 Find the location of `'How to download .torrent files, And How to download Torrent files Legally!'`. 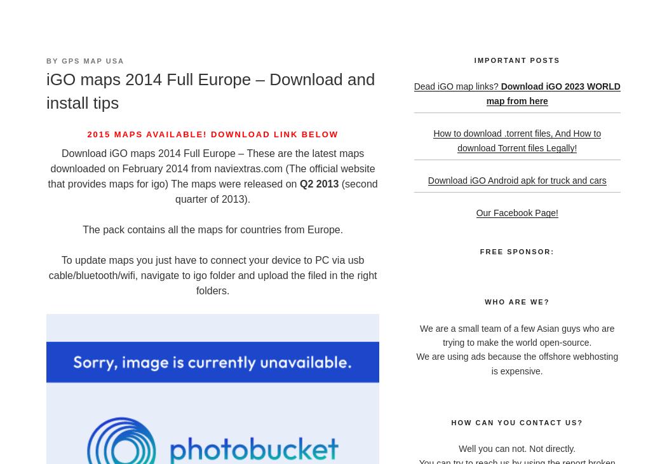

'How to download .torrent files, And How to download Torrent files Legally!' is located at coordinates (516, 140).